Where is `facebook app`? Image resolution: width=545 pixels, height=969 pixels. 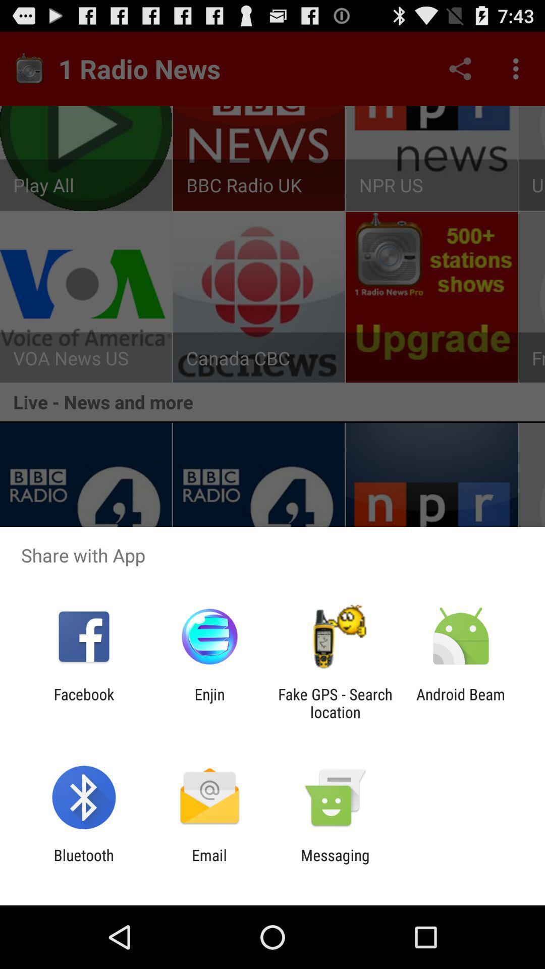 facebook app is located at coordinates (83, 703).